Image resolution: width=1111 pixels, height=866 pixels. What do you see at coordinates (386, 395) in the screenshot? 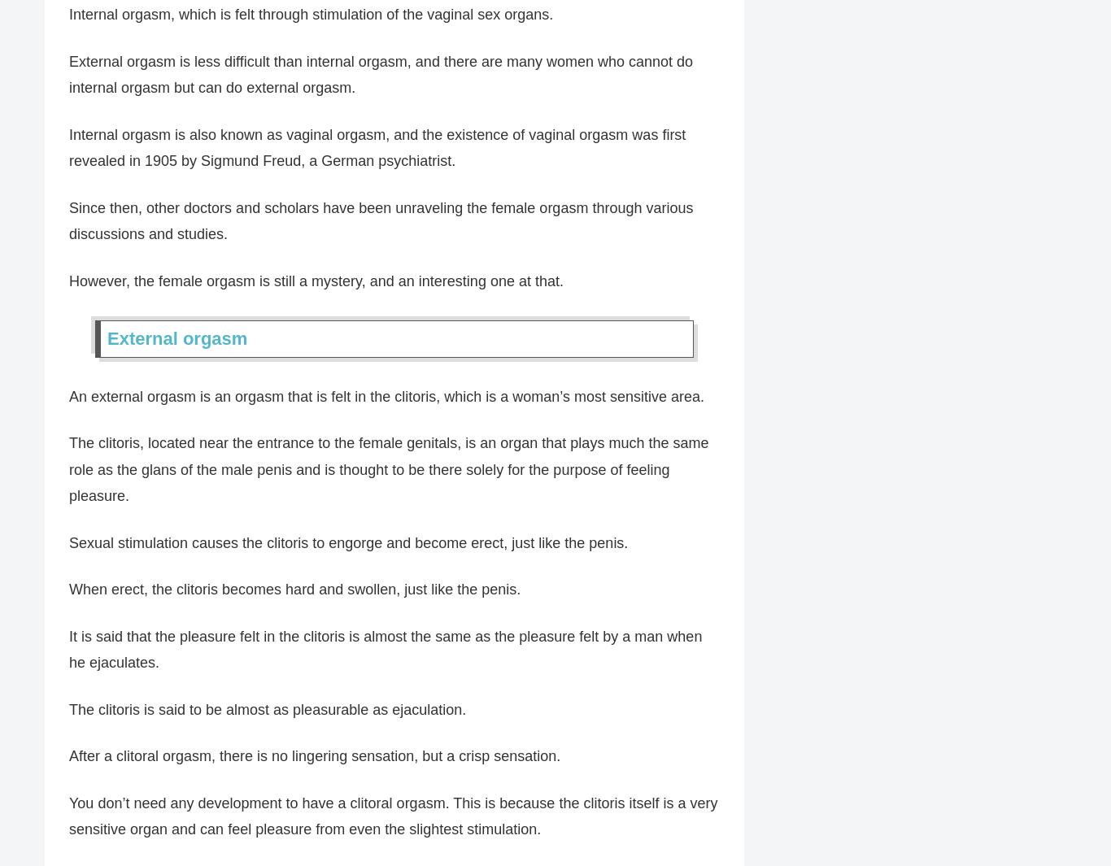
I see `'An external orgasm is an orgasm that is felt in the clitoris, which is a woman’s most sensitive area.'` at bounding box center [386, 395].